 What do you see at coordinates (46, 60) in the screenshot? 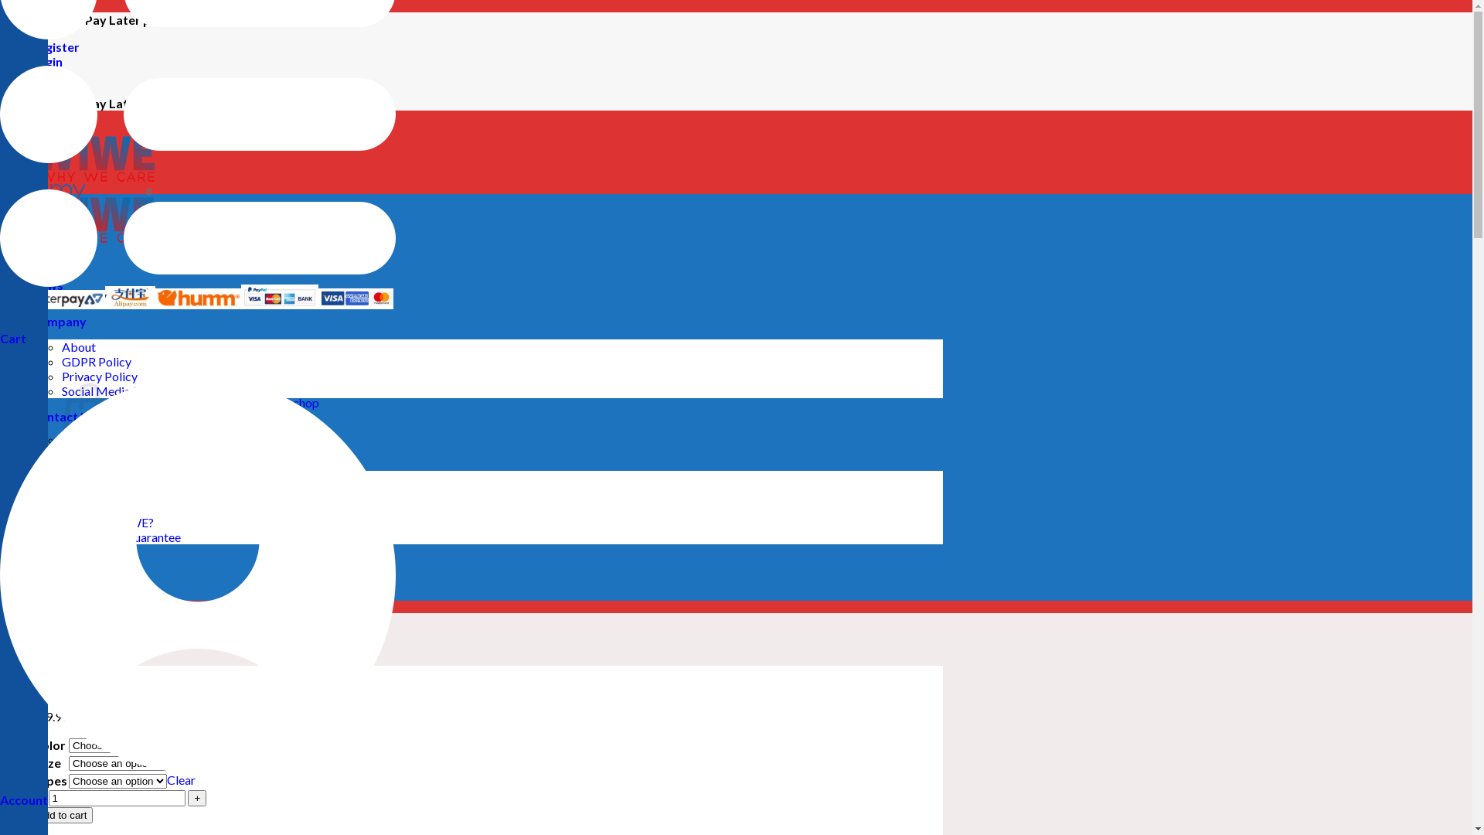
I see `'Login'` at bounding box center [46, 60].